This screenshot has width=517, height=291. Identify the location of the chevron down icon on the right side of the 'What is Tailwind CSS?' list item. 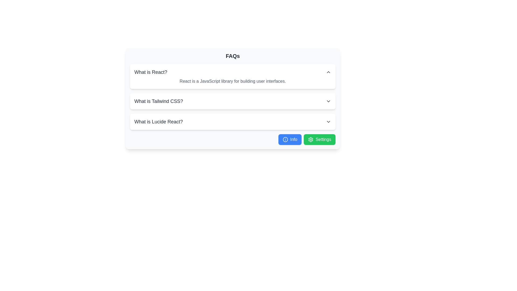
(328, 101).